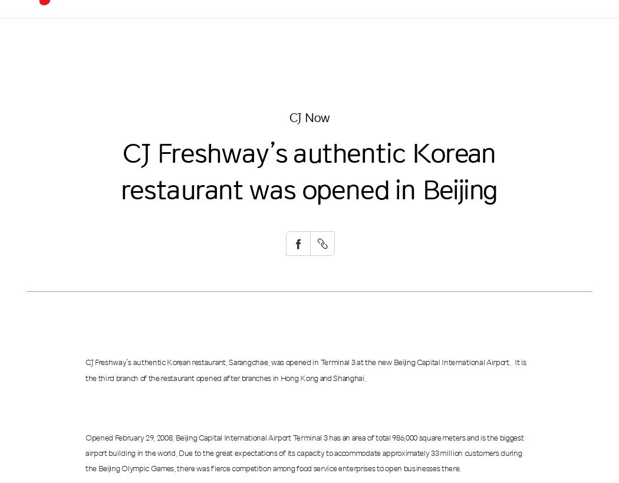 Image resolution: width=619 pixels, height=483 pixels. Describe the element at coordinates (424, 92) in the screenshot. I see `'History'` at that location.